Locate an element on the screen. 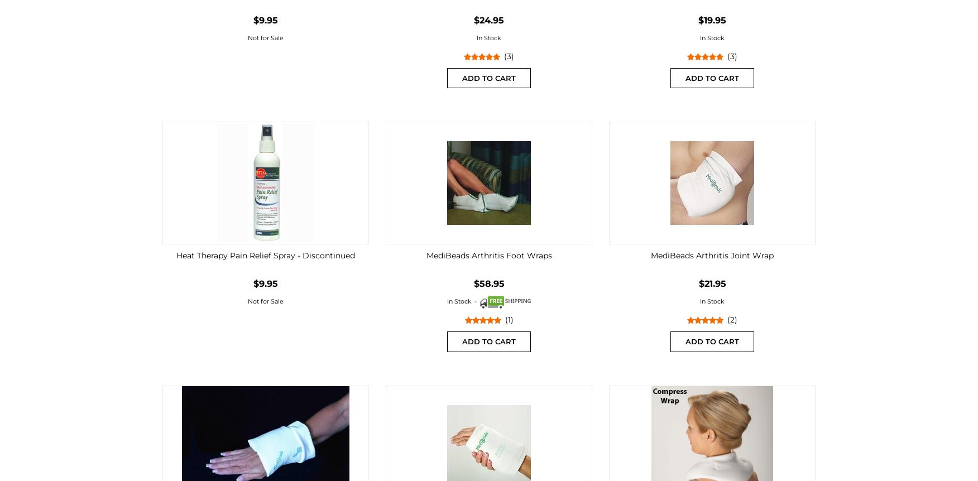 The image size is (978, 481). '$24.95' is located at coordinates (489, 20).